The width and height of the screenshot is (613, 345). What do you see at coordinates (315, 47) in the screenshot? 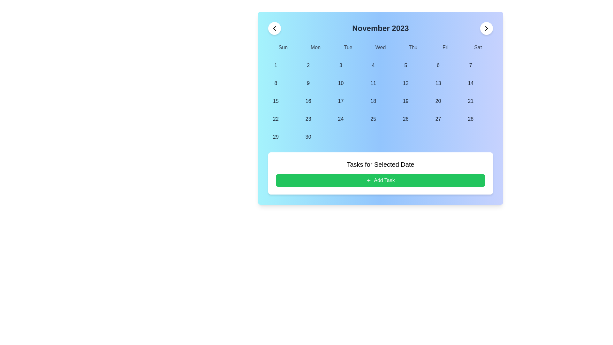
I see `the Text label indicating Monday, which is the second label in the row of days of the week, positioned between 'Sun' and 'Tue'` at bounding box center [315, 47].